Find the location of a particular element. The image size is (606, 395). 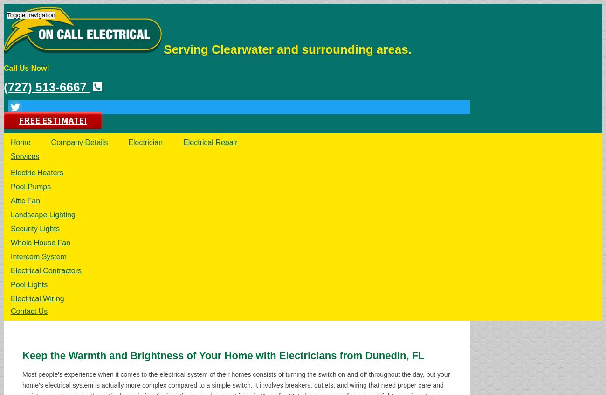

'Electric Heaters' is located at coordinates (37, 172).